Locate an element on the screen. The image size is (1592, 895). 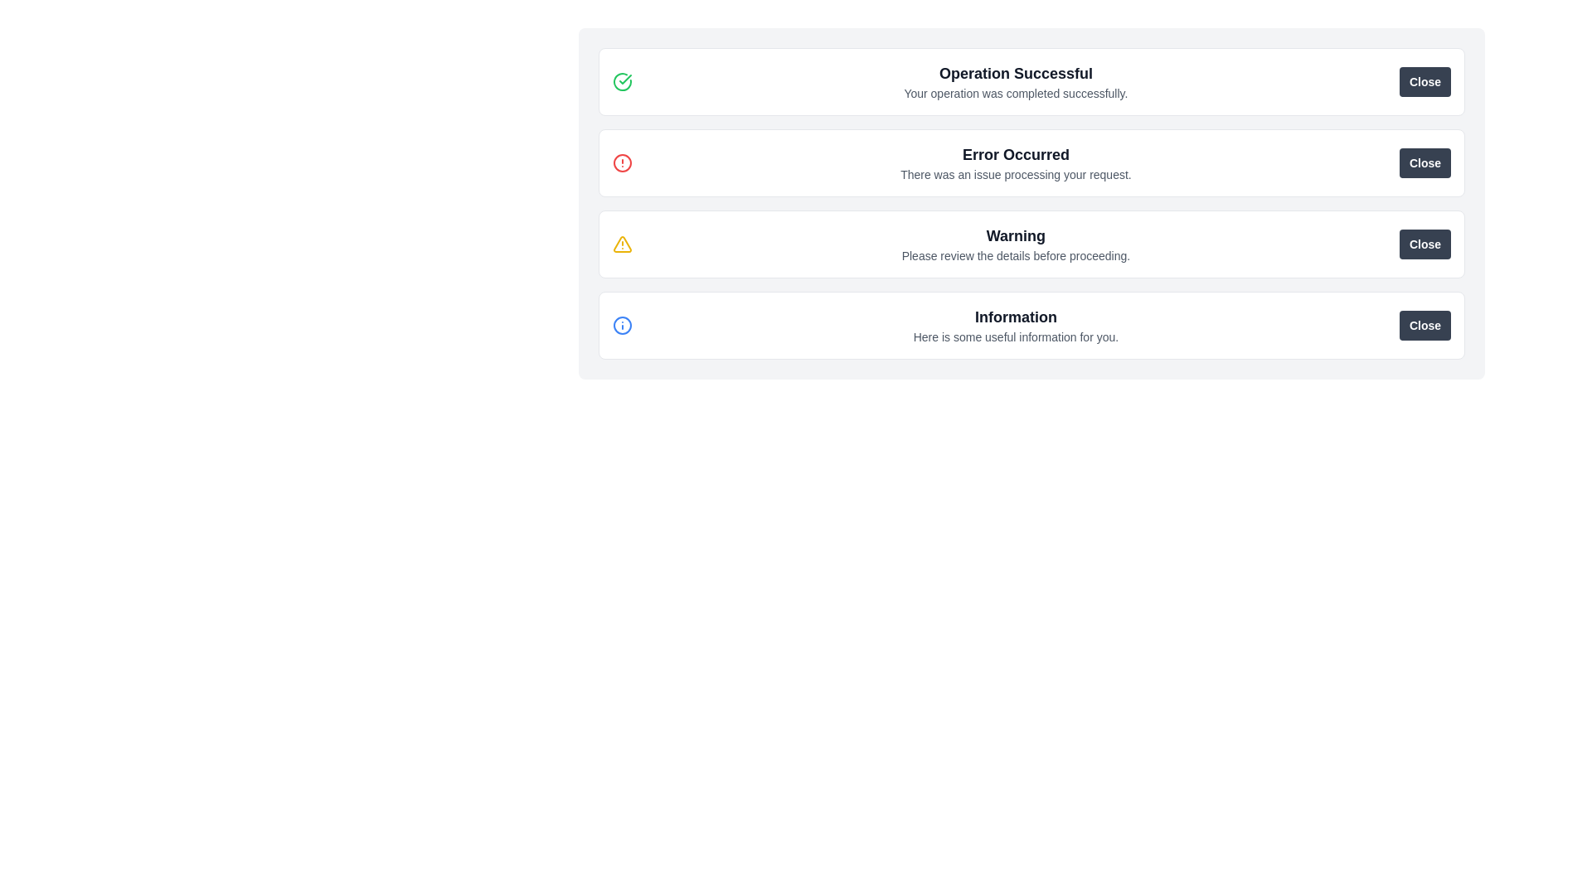
text label stating 'Please review the details before proceeding.' which is styled in a smaller font size and lighter gray color, located directly below the bold 'Warning' text in the notification stack is located at coordinates (1015, 255).